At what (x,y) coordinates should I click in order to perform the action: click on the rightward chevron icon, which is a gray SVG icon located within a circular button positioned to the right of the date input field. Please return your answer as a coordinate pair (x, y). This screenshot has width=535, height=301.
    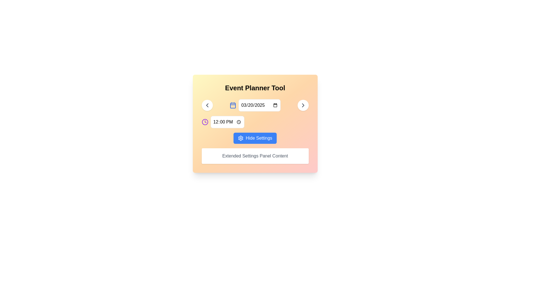
    Looking at the image, I should click on (303, 105).